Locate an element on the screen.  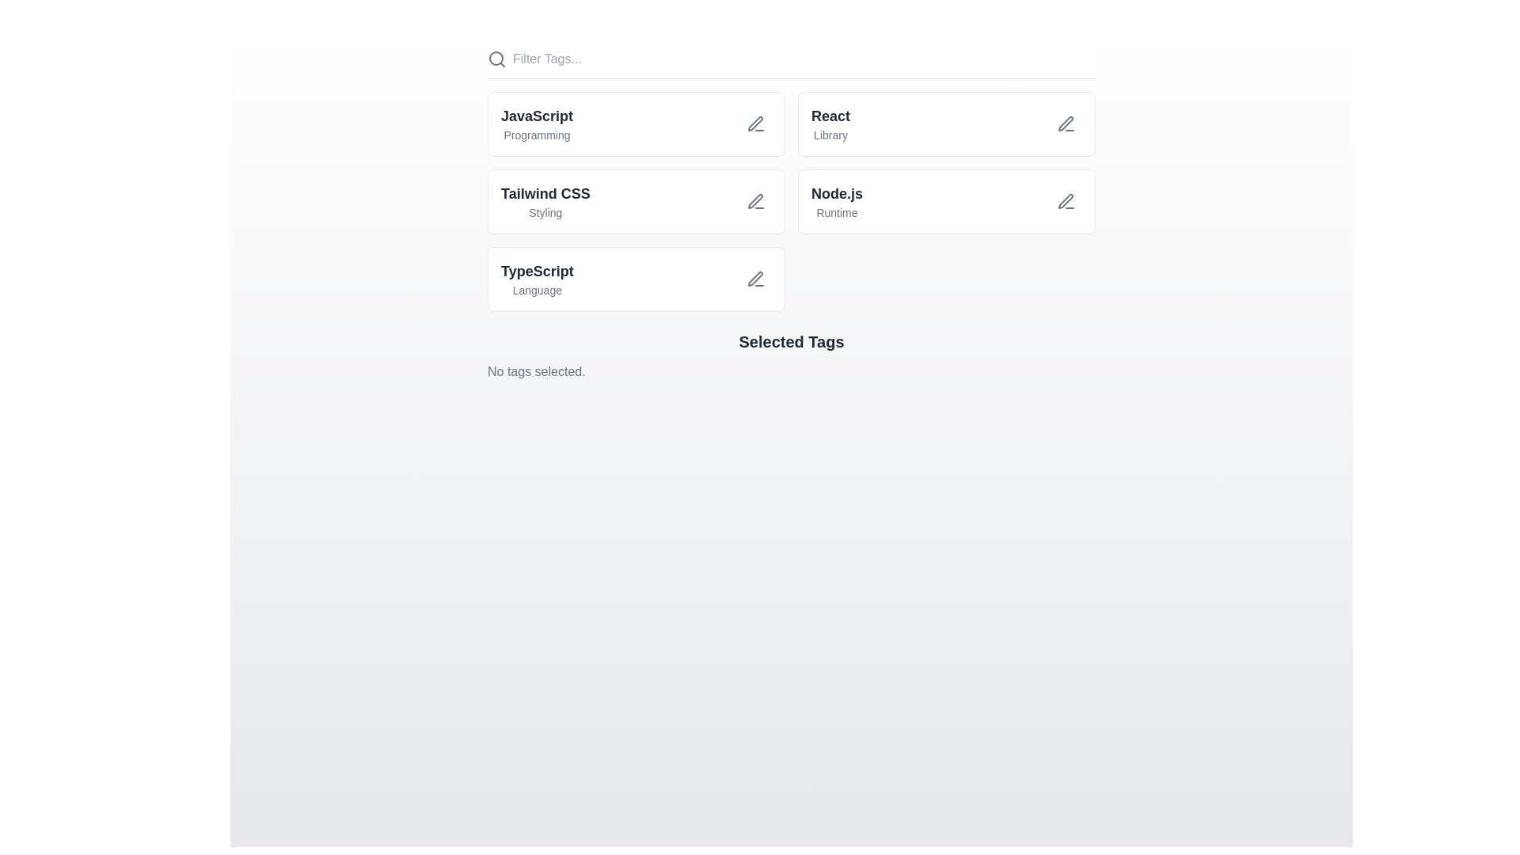
the non-interactive informational text label indicating that no tags have been selected yet, which is positioned below the 'Selected Tags' header is located at coordinates (536, 372).